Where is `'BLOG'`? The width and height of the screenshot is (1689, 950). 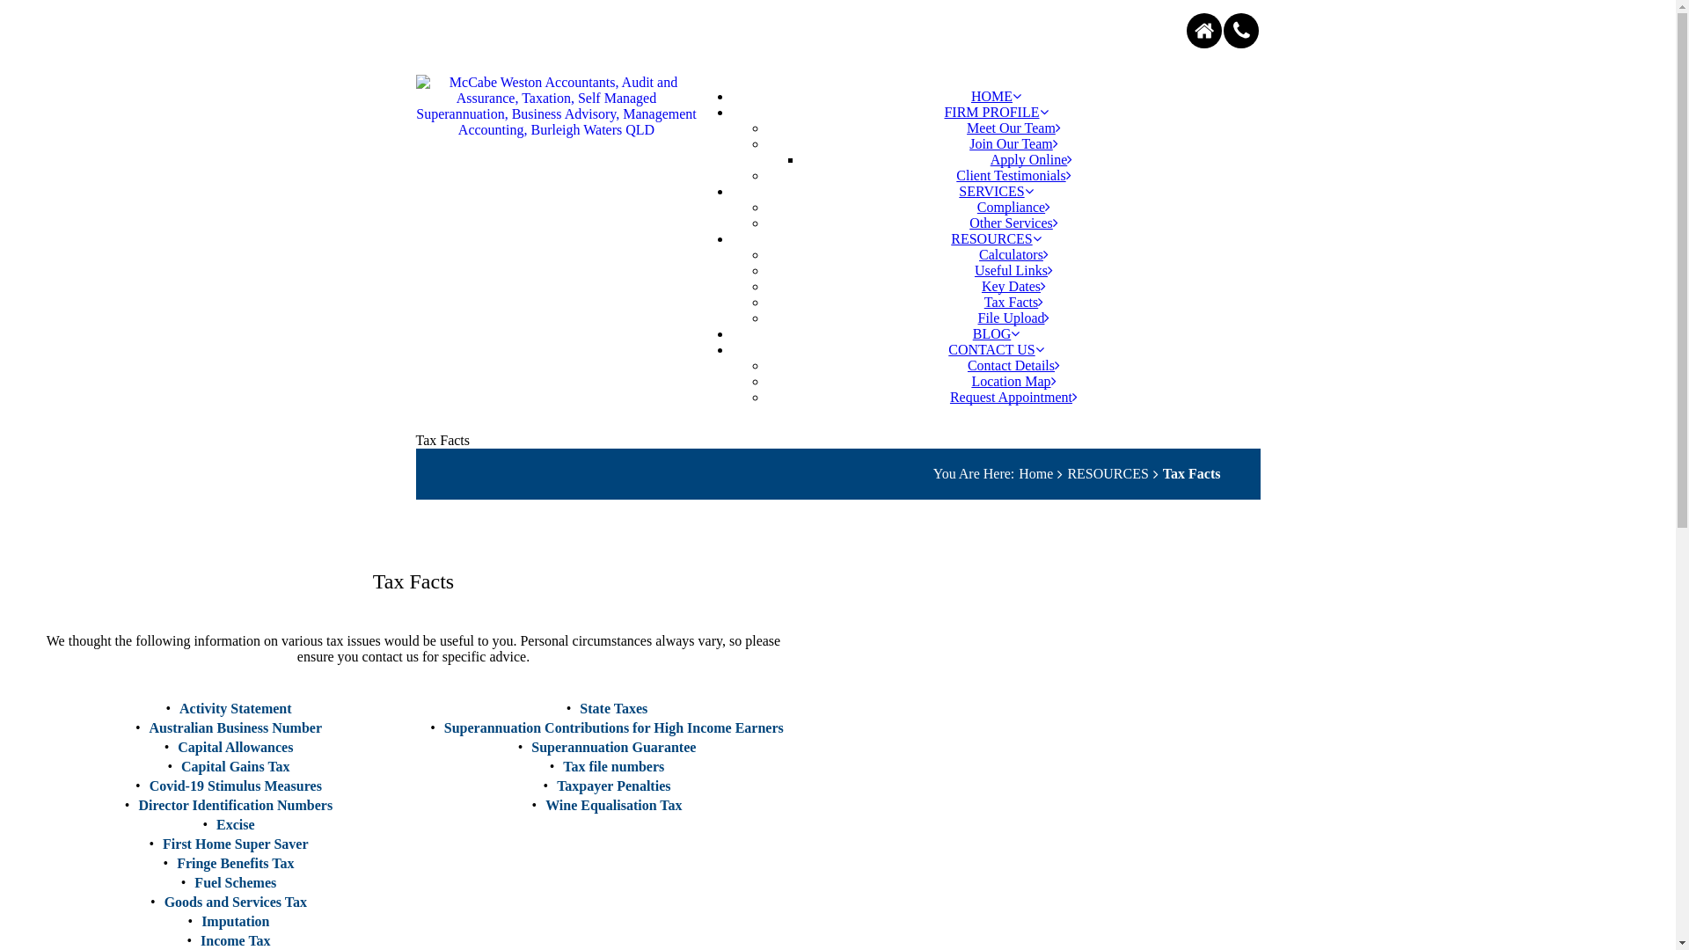
'BLOG' is located at coordinates (971, 333).